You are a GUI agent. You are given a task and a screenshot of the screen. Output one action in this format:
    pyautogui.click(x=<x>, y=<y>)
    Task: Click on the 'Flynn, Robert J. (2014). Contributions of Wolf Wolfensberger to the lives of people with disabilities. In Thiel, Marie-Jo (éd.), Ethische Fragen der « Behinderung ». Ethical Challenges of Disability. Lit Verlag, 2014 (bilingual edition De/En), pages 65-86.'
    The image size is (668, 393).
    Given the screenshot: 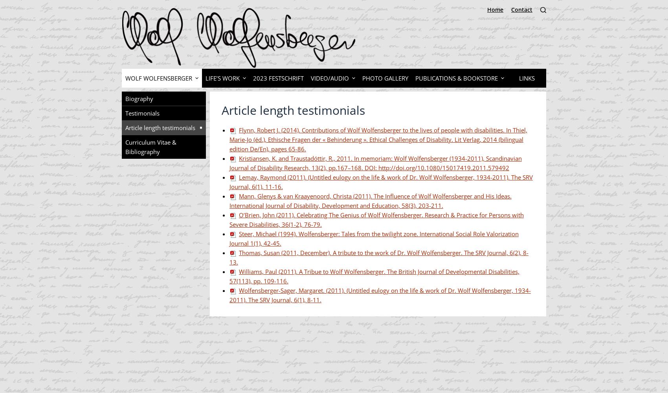 What is the action you would take?
    pyautogui.click(x=378, y=139)
    